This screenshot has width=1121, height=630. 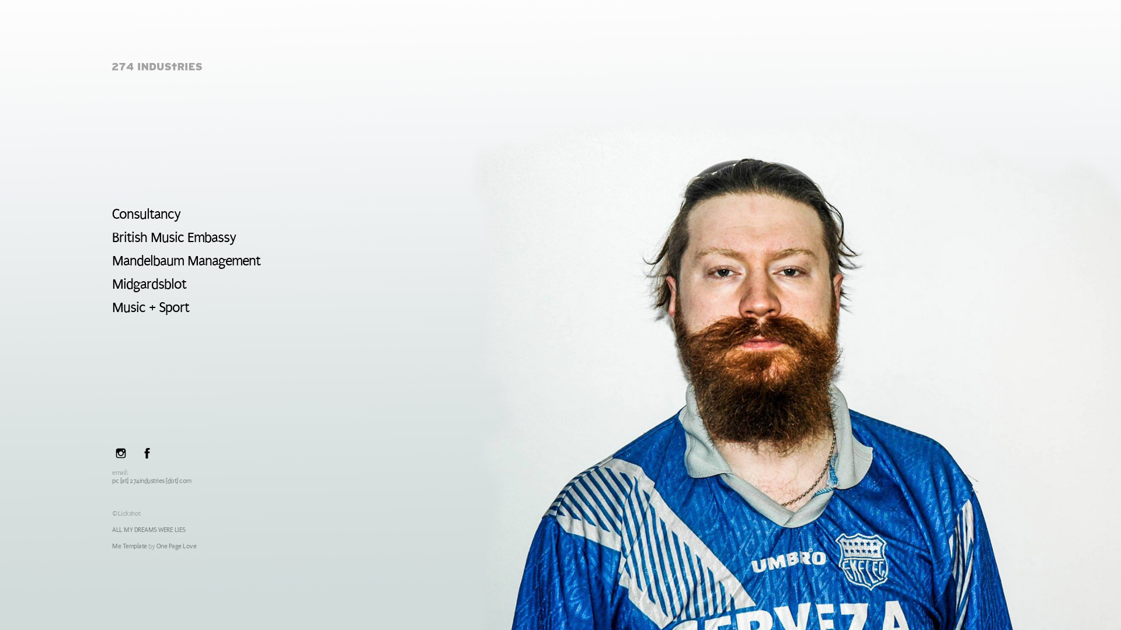 I want to click on 'One Page Love', so click(x=176, y=546).